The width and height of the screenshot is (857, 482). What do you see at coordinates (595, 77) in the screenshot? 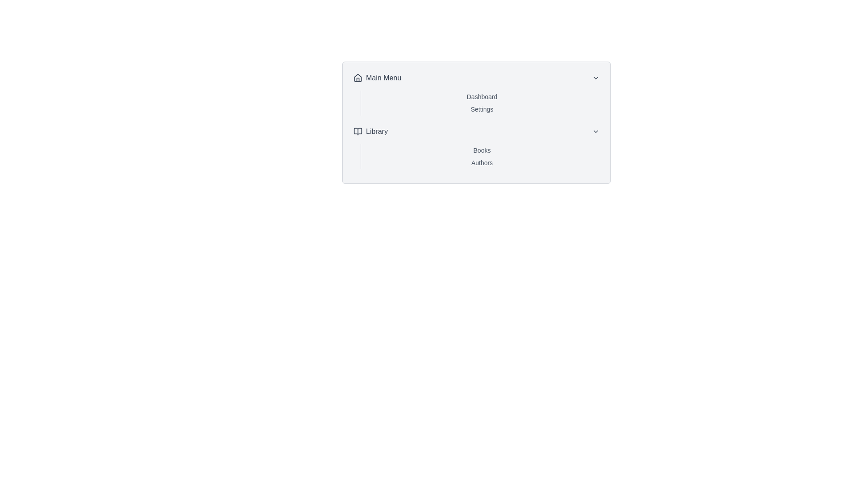
I see `the Chevron icon located at the far-right side of the 'Main Menu' list item` at bounding box center [595, 77].